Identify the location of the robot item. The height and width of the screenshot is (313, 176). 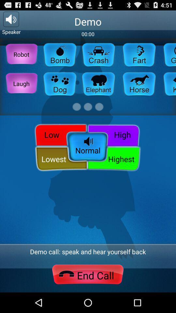
(21, 54).